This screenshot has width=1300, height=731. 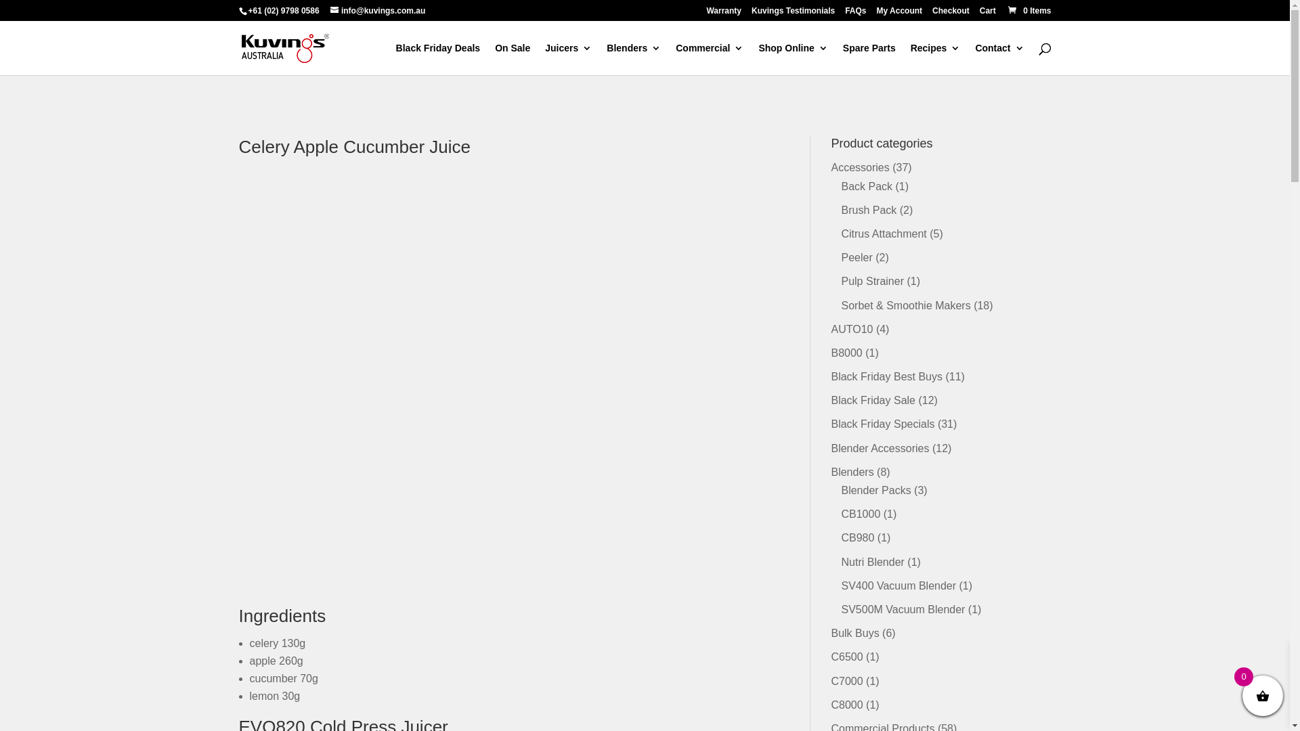 I want to click on 'Bulk Buys', so click(x=830, y=633).